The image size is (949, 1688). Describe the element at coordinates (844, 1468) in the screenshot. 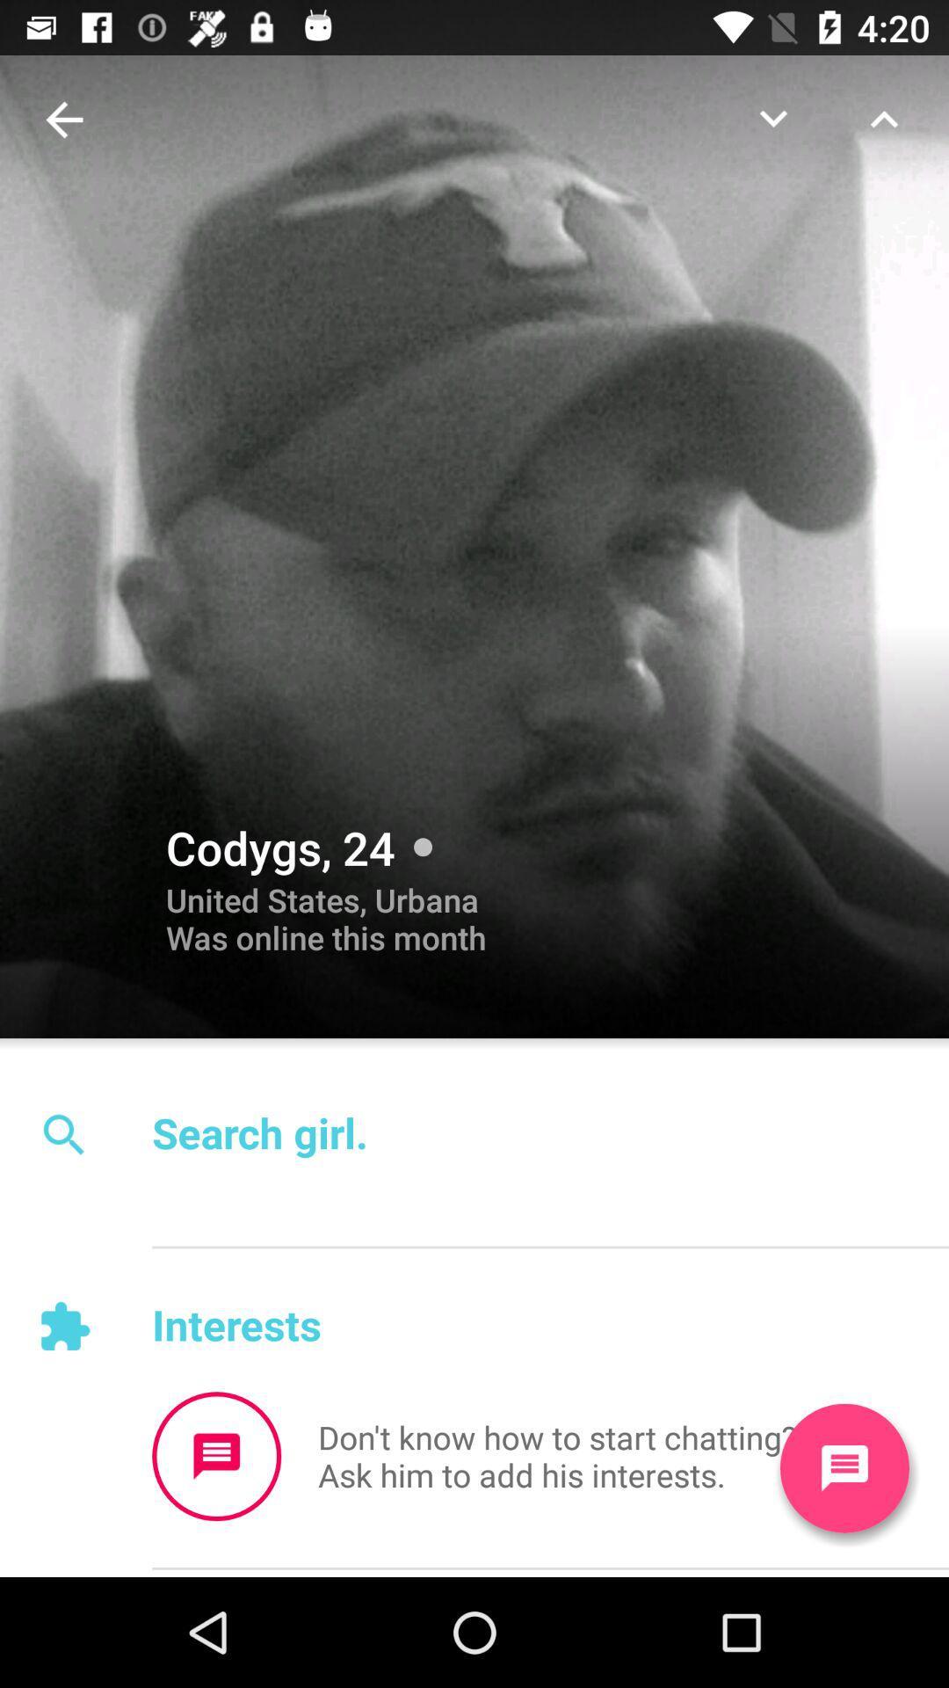

I see `the chat icon` at that location.